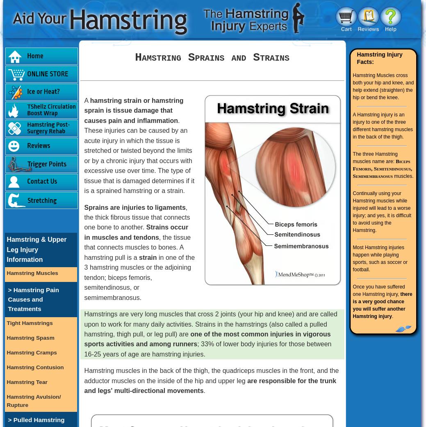 This screenshot has width=426, height=427. I want to click on 'Hamstrings are very long muscles that cross 2 joints (your hip and knee) and are called upon to work for many daily activities. Strains in the hamstrings (also called a pulled hamstring, thigh pull, or leg pull) are', so click(210, 324).